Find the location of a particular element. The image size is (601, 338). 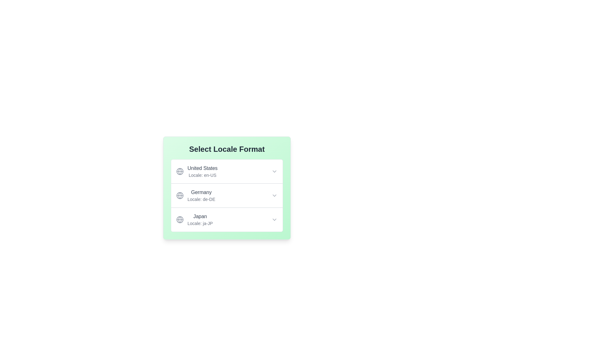

the globe icon representing the 'Japan' locale selection, which is the third globe icon in the list, to select the locale is located at coordinates (180, 219).